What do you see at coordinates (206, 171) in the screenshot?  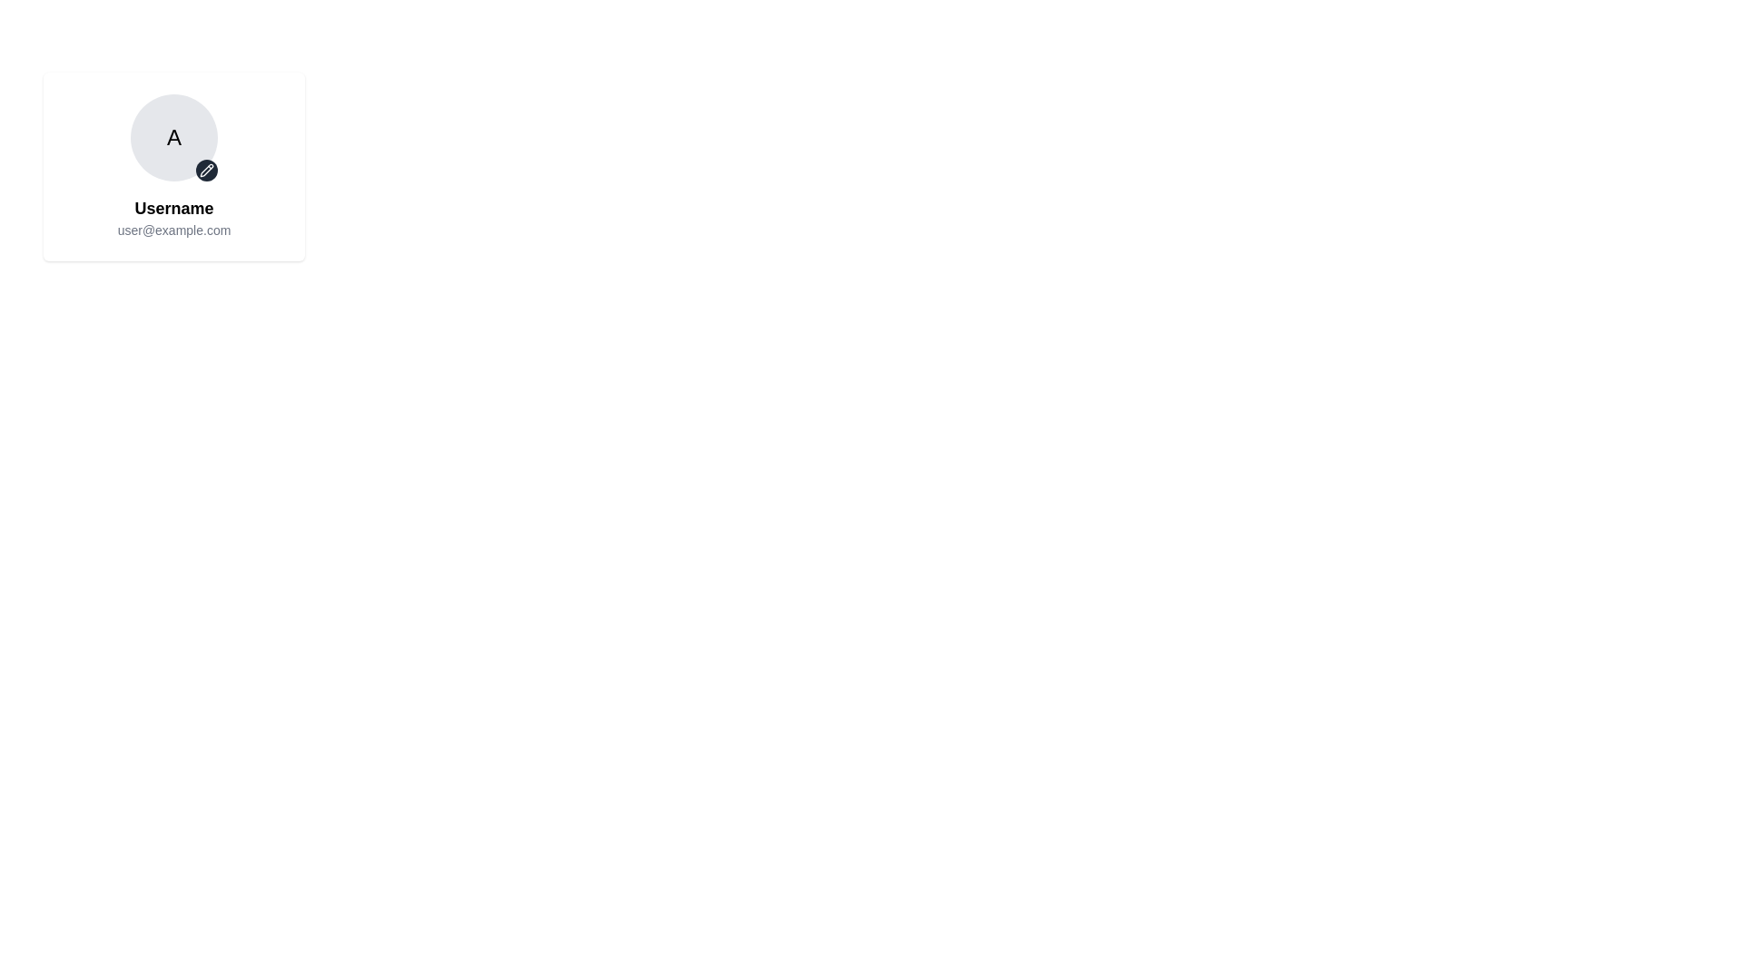 I see `the edit icon button located in the bottom-right corner of the profile card` at bounding box center [206, 171].